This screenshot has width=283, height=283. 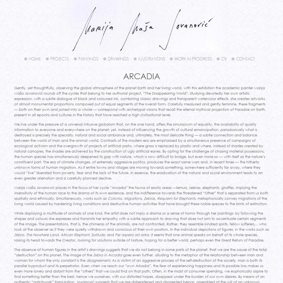 What do you see at coordinates (13, 252) in the screenshot?
I see `'The absence of human figures in the artist’s drawings suggests that we do not belong in some parts of the planet, that we are the cause of the total “destruction” on this planet. The image of the'` at bounding box center [13, 252].